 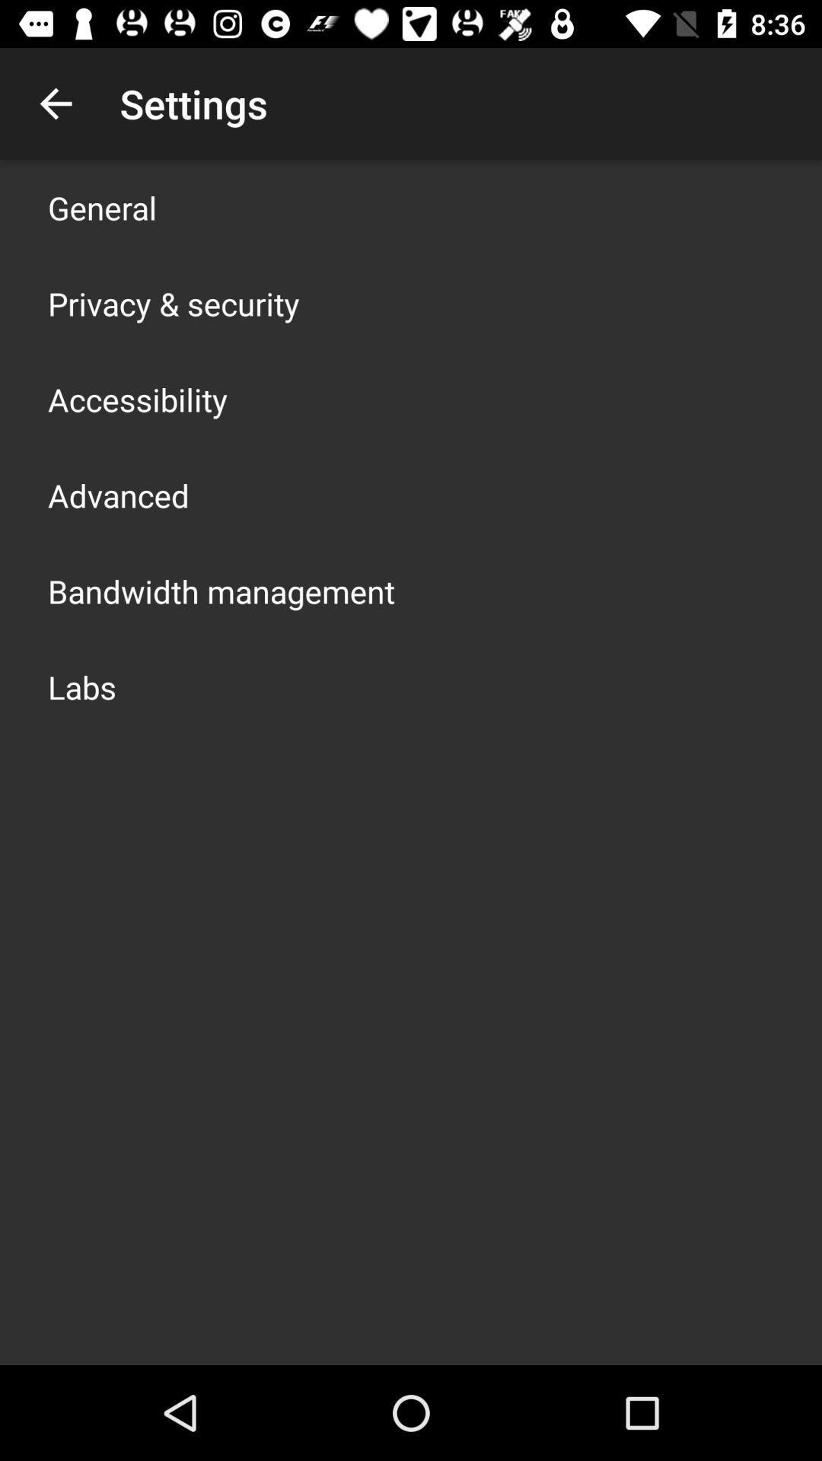 I want to click on labs item, so click(x=82, y=686).